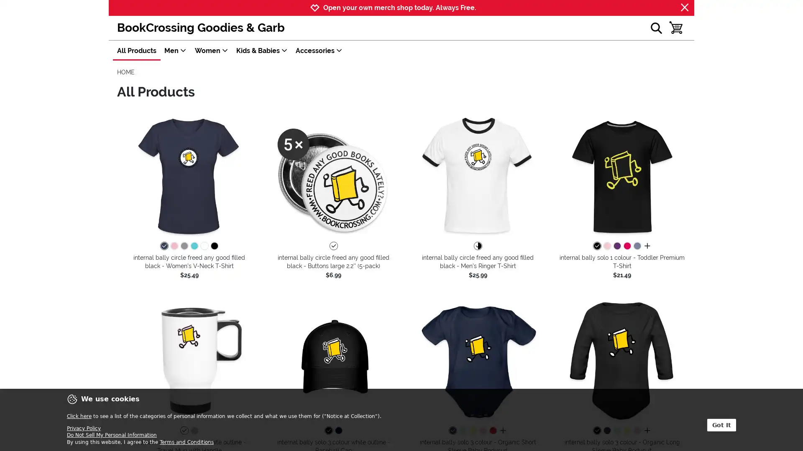 This screenshot has height=451, width=803. Describe the element at coordinates (332, 246) in the screenshot. I see `white` at that location.